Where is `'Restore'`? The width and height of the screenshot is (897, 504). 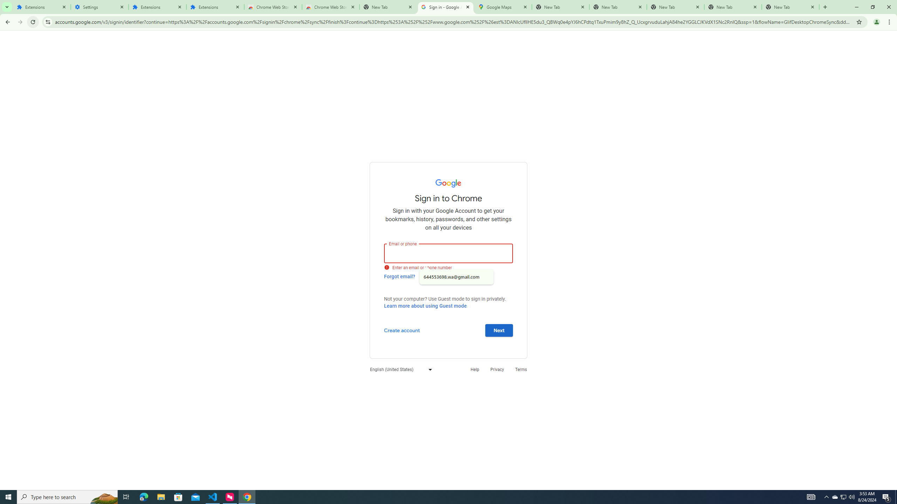 'Restore' is located at coordinates (872, 7).